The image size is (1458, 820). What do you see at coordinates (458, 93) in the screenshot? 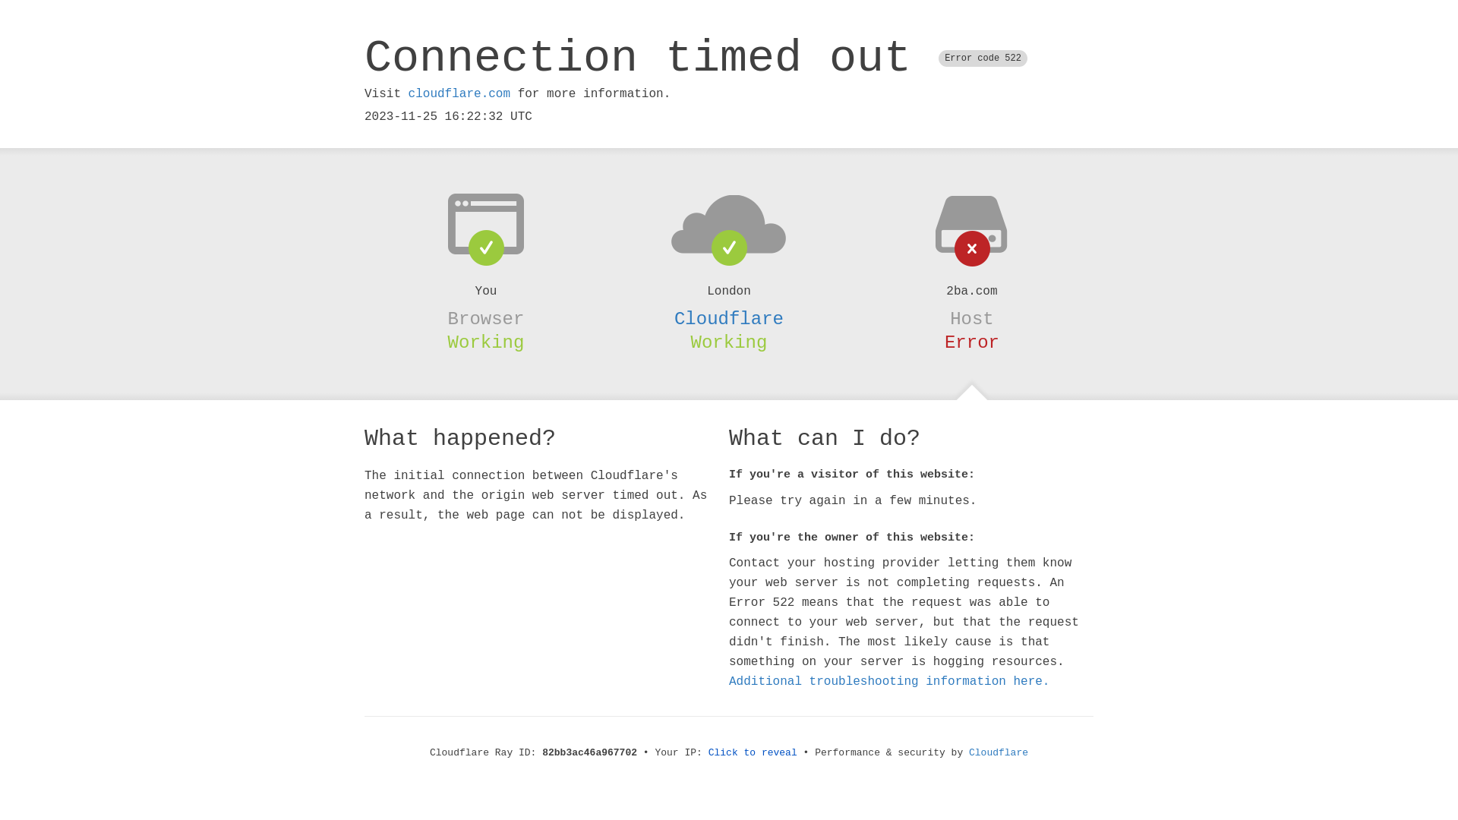
I see `'cloudflare.com'` at bounding box center [458, 93].